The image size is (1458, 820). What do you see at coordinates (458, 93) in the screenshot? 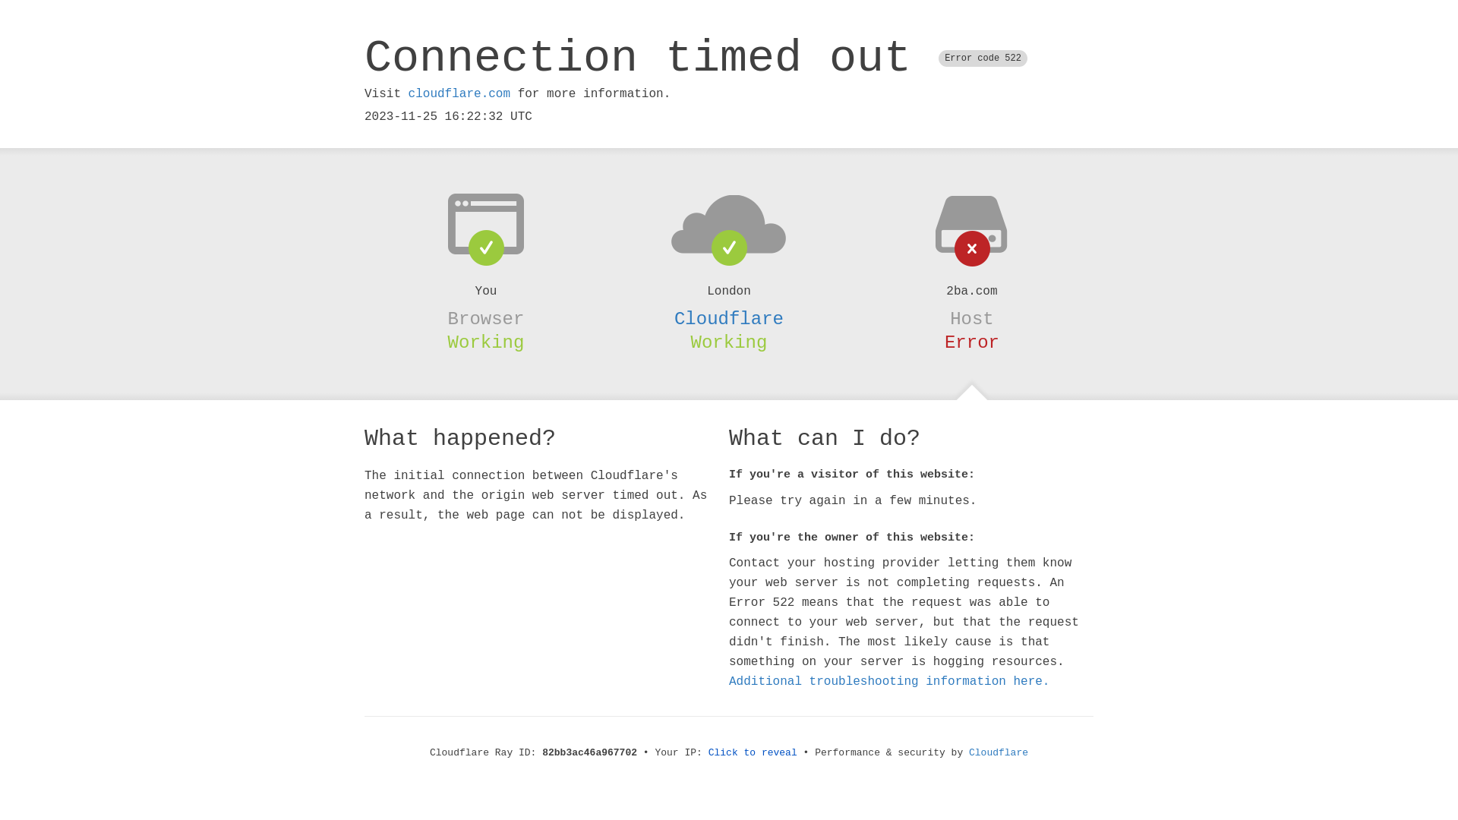
I see `'cloudflare.com'` at bounding box center [458, 93].